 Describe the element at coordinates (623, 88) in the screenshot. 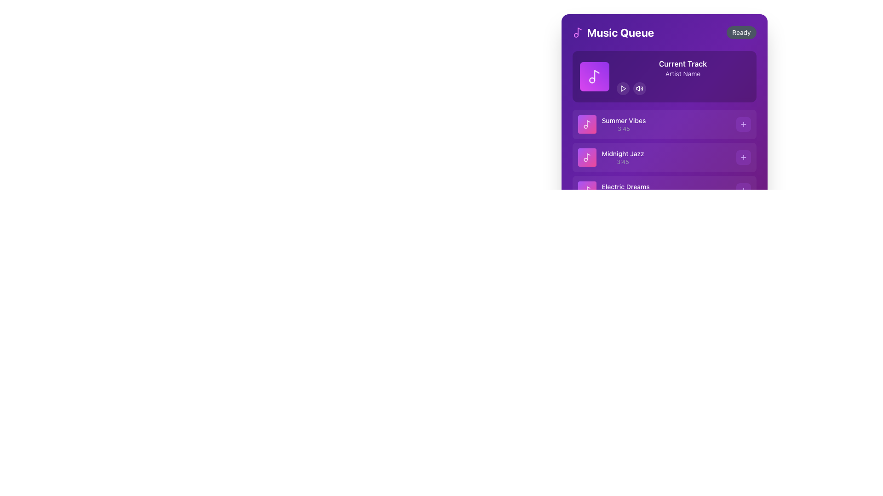

I see `the play button icon, which is a small triangular button in a circular background, located in the music player interface` at that location.